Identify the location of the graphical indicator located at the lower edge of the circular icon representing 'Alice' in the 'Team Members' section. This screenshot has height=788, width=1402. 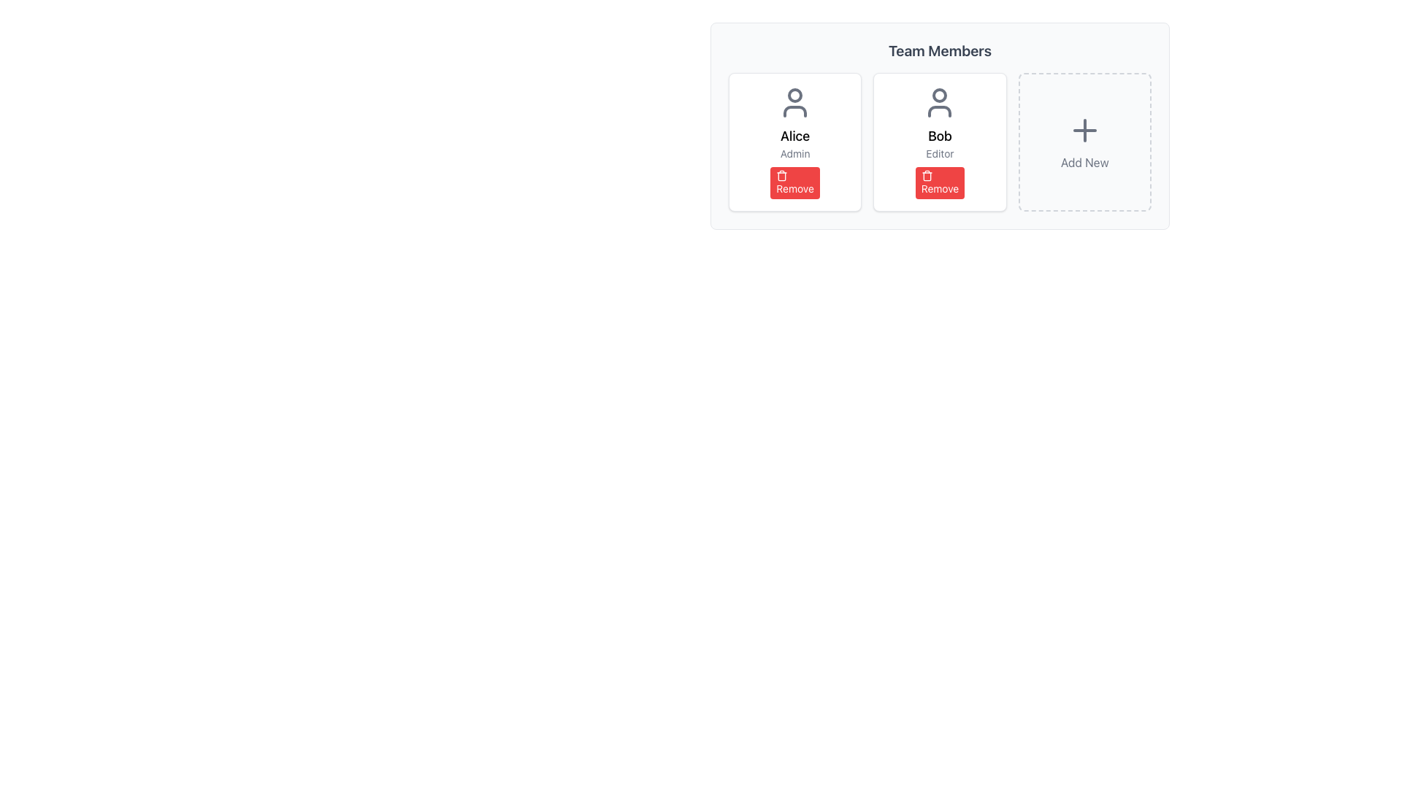
(794, 111).